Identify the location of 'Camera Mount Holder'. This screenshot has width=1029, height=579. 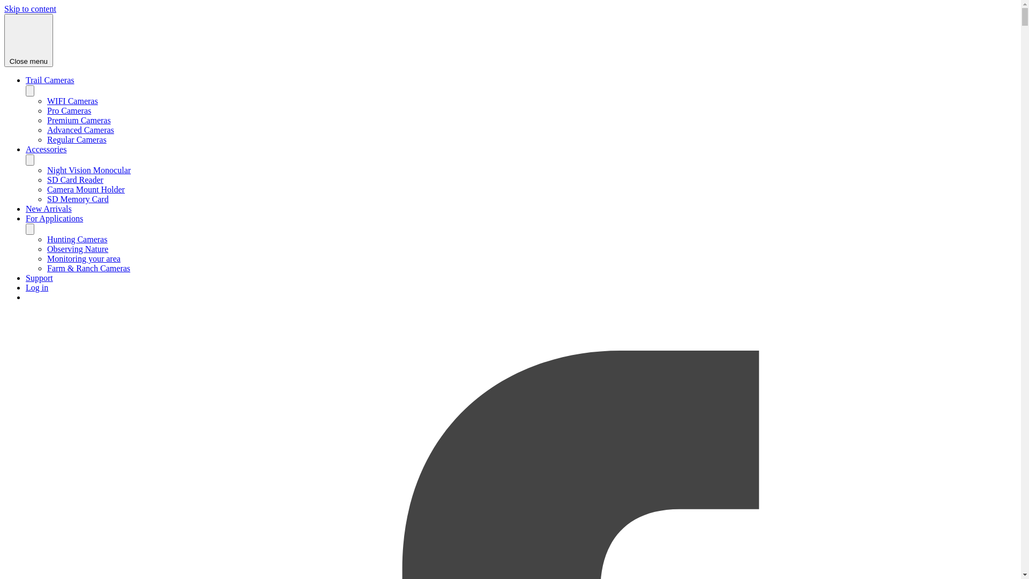
(86, 189).